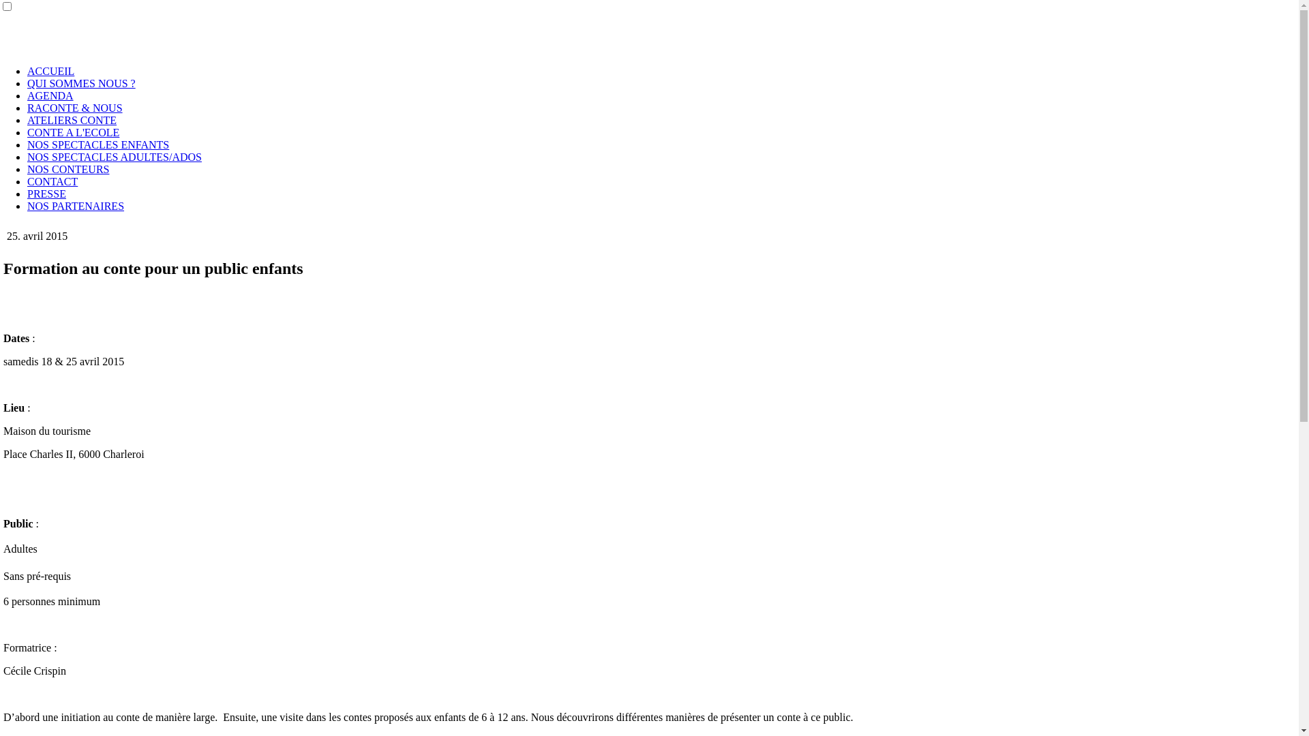 The height and width of the screenshot is (736, 1309). I want to click on 'PRESSE', so click(46, 194).